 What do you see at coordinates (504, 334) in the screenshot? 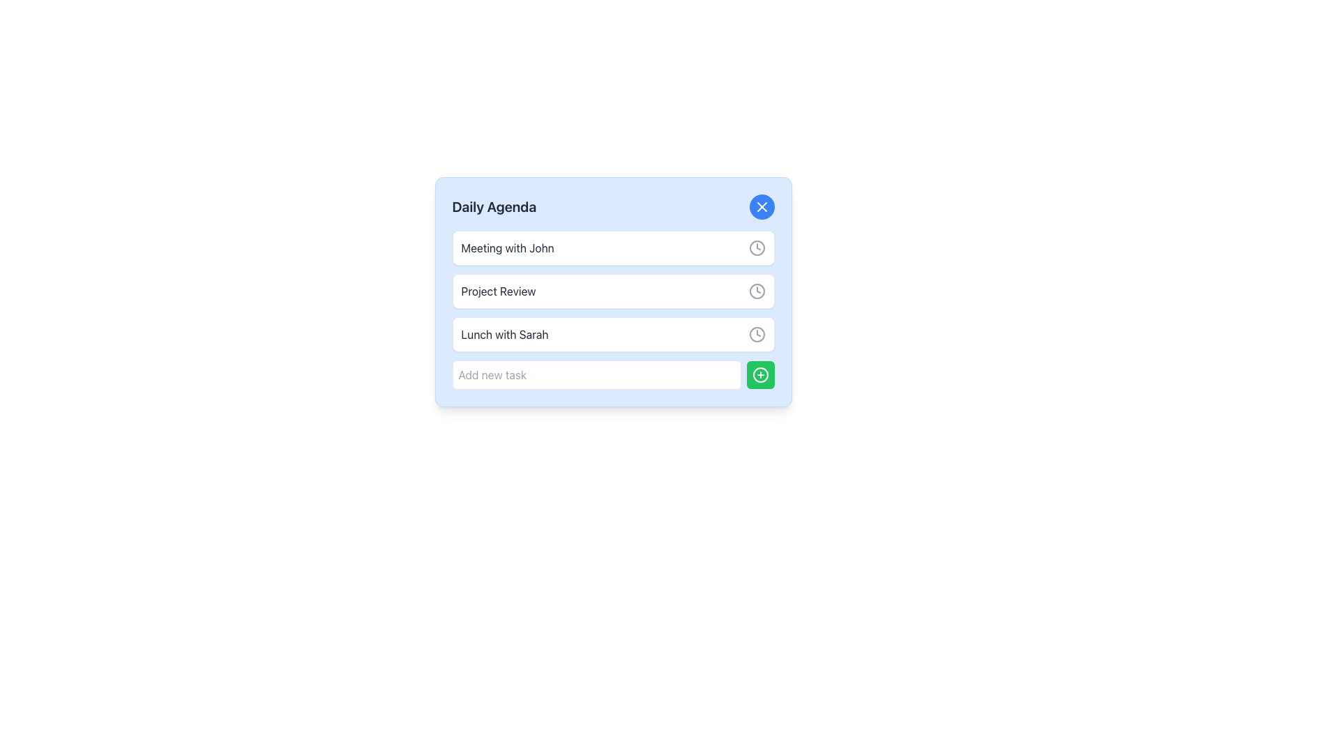
I see `the text label displaying 'Lunch with Sarah', which is the main text label of the third item in the 'Daily Agenda' widget` at bounding box center [504, 334].